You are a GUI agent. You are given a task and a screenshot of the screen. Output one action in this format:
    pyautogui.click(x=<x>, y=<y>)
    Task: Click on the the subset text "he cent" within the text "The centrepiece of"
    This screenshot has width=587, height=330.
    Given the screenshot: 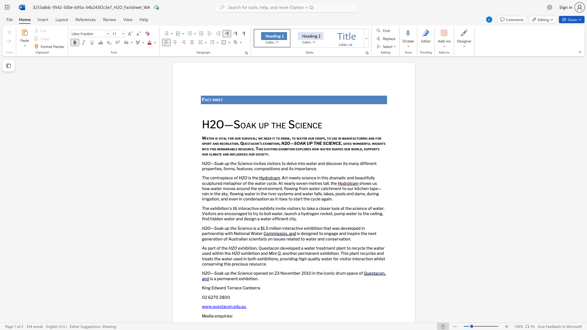 What is the action you would take?
    pyautogui.click(x=205, y=178)
    